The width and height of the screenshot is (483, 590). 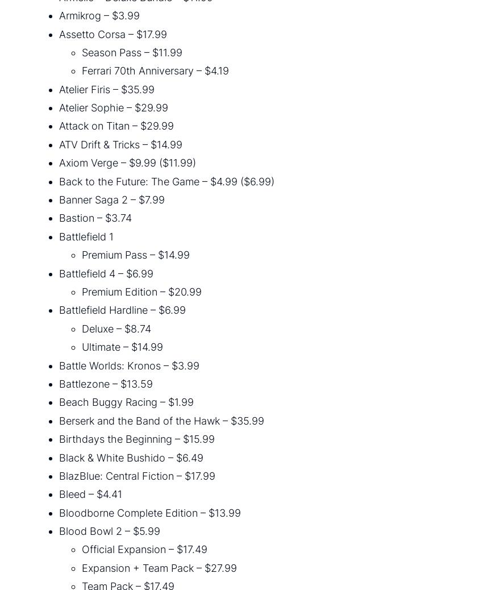 I want to click on 'AD Choices', so click(x=216, y=545).